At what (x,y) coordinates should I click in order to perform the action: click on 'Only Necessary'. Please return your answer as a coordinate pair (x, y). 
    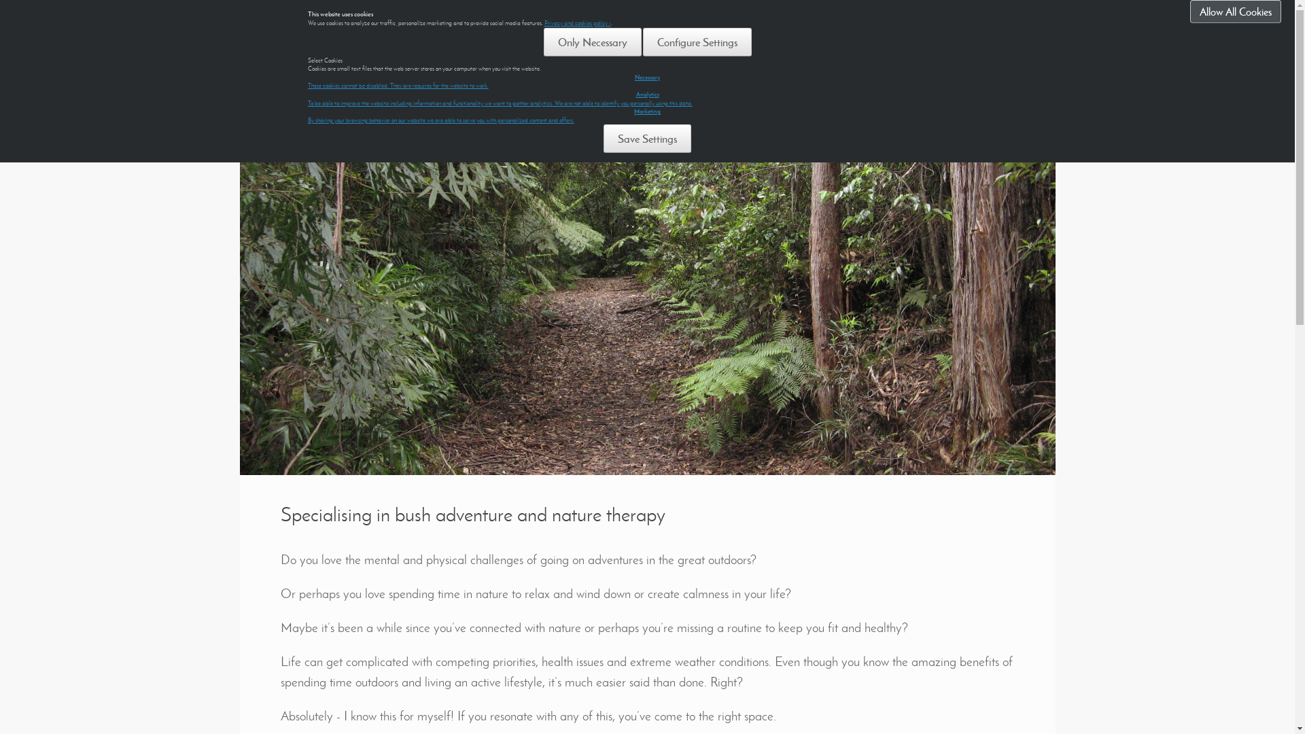
    Looking at the image, I should click on (593, 41).